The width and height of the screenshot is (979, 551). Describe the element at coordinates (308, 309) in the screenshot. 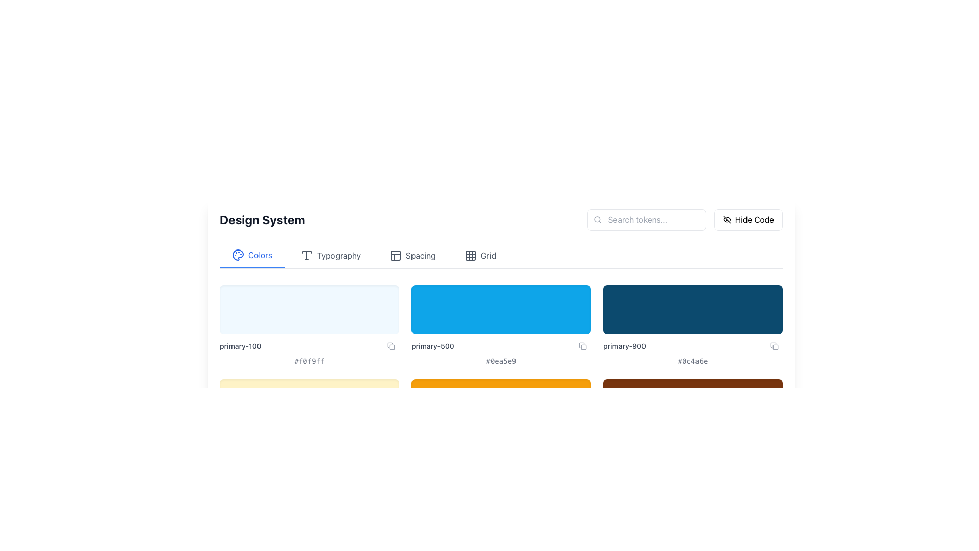

I see `the large rectangular light blue color swatch component` at that location.